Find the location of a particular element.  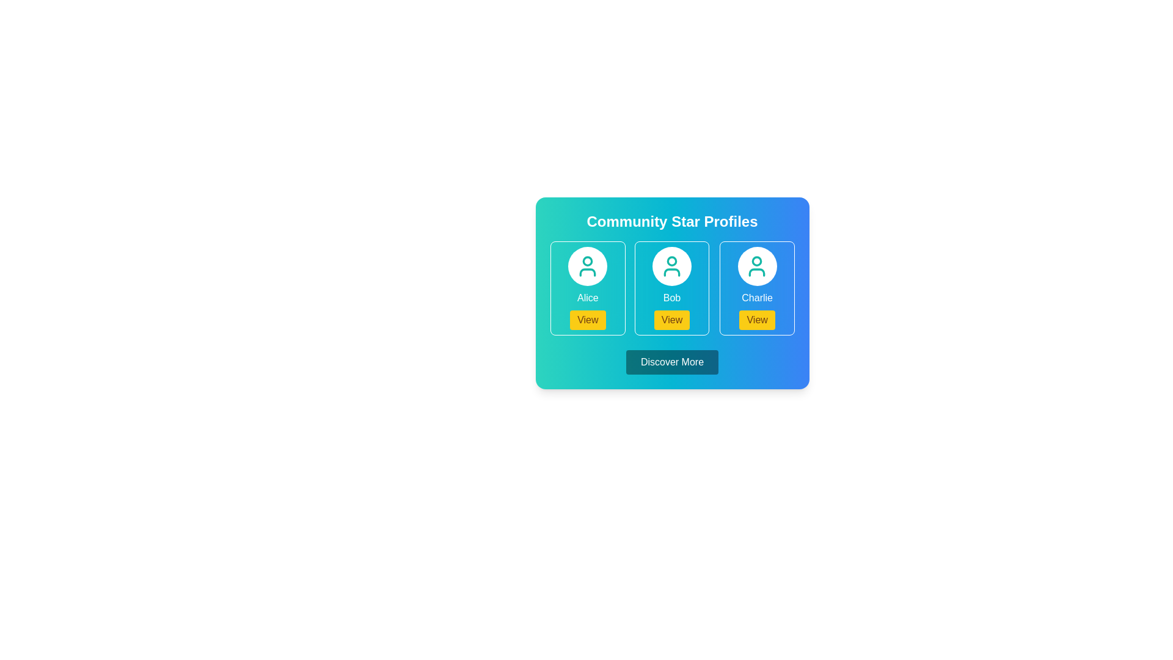

the circular avatar icon representing Alice within the 'Community Star Profiles' section is located at coordinates (587, 260).